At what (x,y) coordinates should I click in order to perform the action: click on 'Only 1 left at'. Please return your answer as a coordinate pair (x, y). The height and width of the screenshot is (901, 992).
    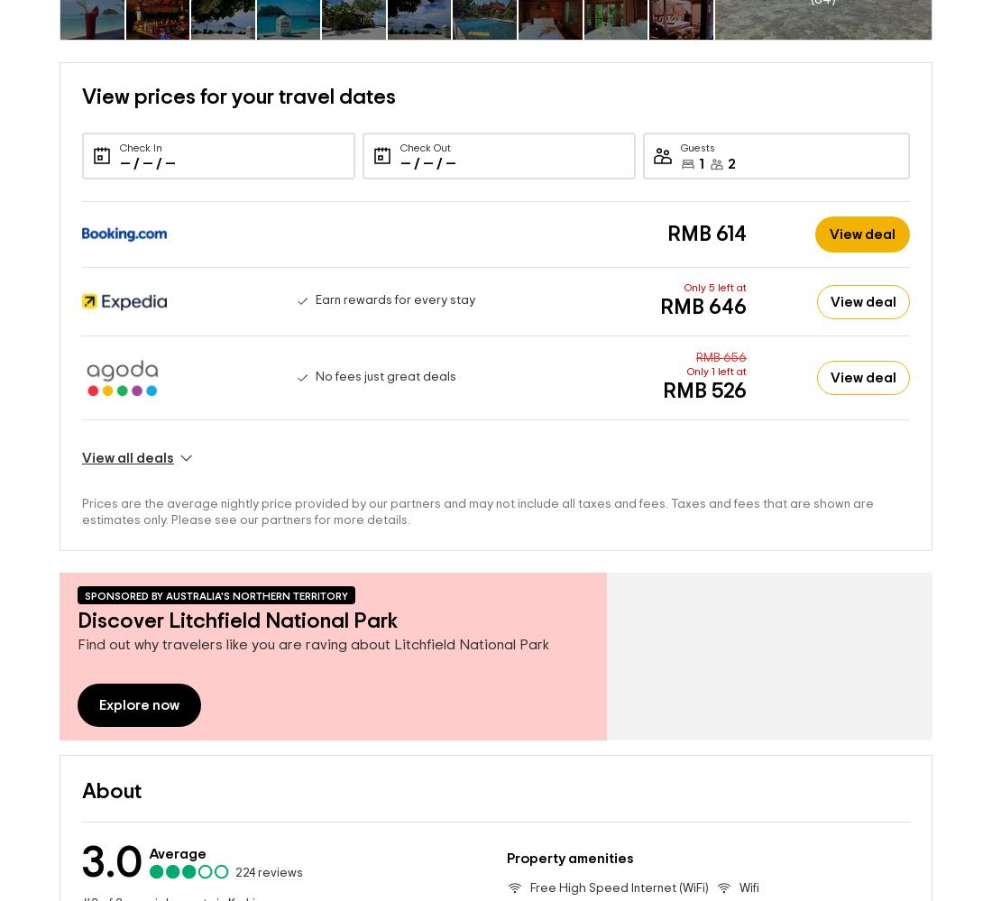
    Looking at the image, I should click on (716, 343).